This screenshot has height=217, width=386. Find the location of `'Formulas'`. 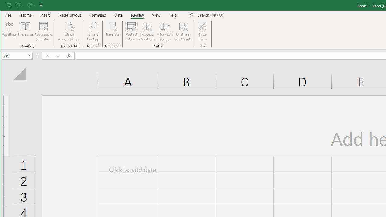

'Formulas' is located at coordinates (98, 15).